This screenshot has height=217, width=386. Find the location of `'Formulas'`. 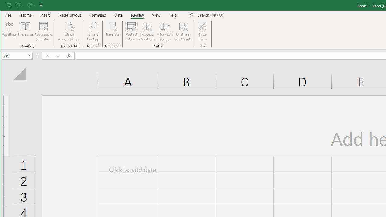

'Formulas' is located at coordinates (98, 15).